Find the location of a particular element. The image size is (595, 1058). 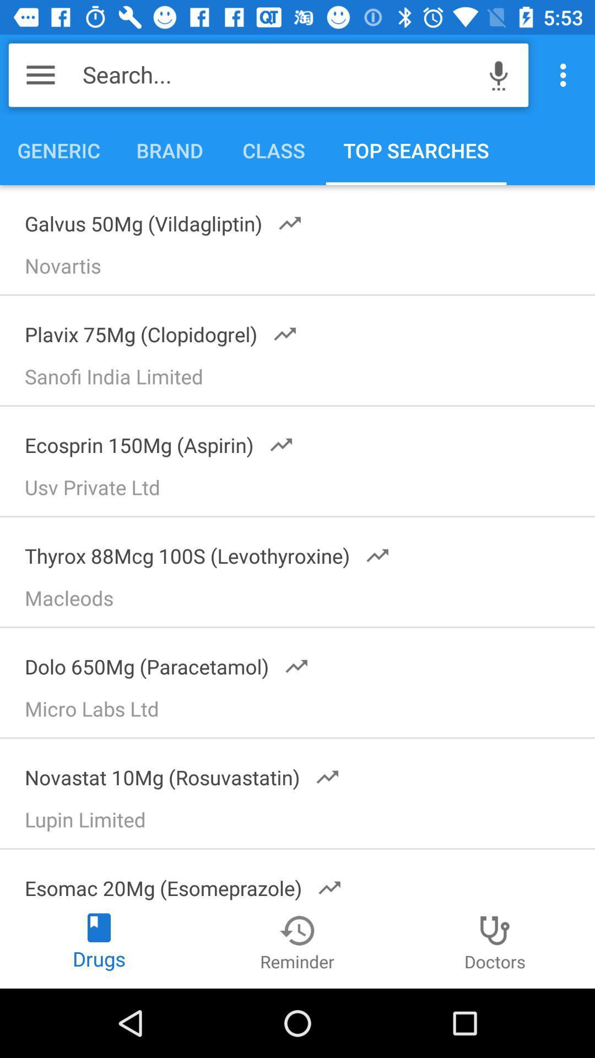

icon next to the search... is located at coordinates (499, 74).